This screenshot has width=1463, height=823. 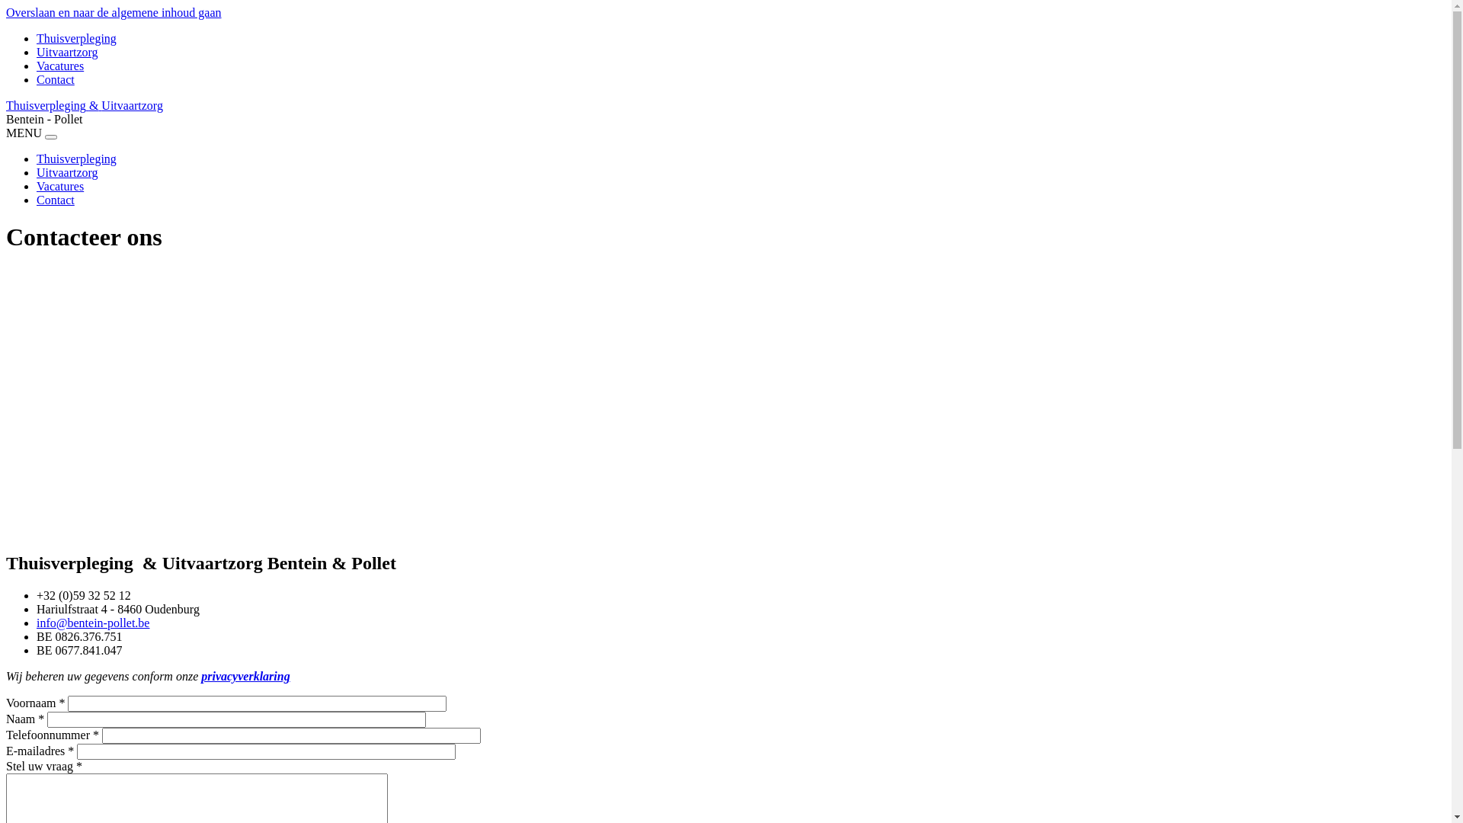 I want to click on 'Vacatures', so click(x=37, y=185).